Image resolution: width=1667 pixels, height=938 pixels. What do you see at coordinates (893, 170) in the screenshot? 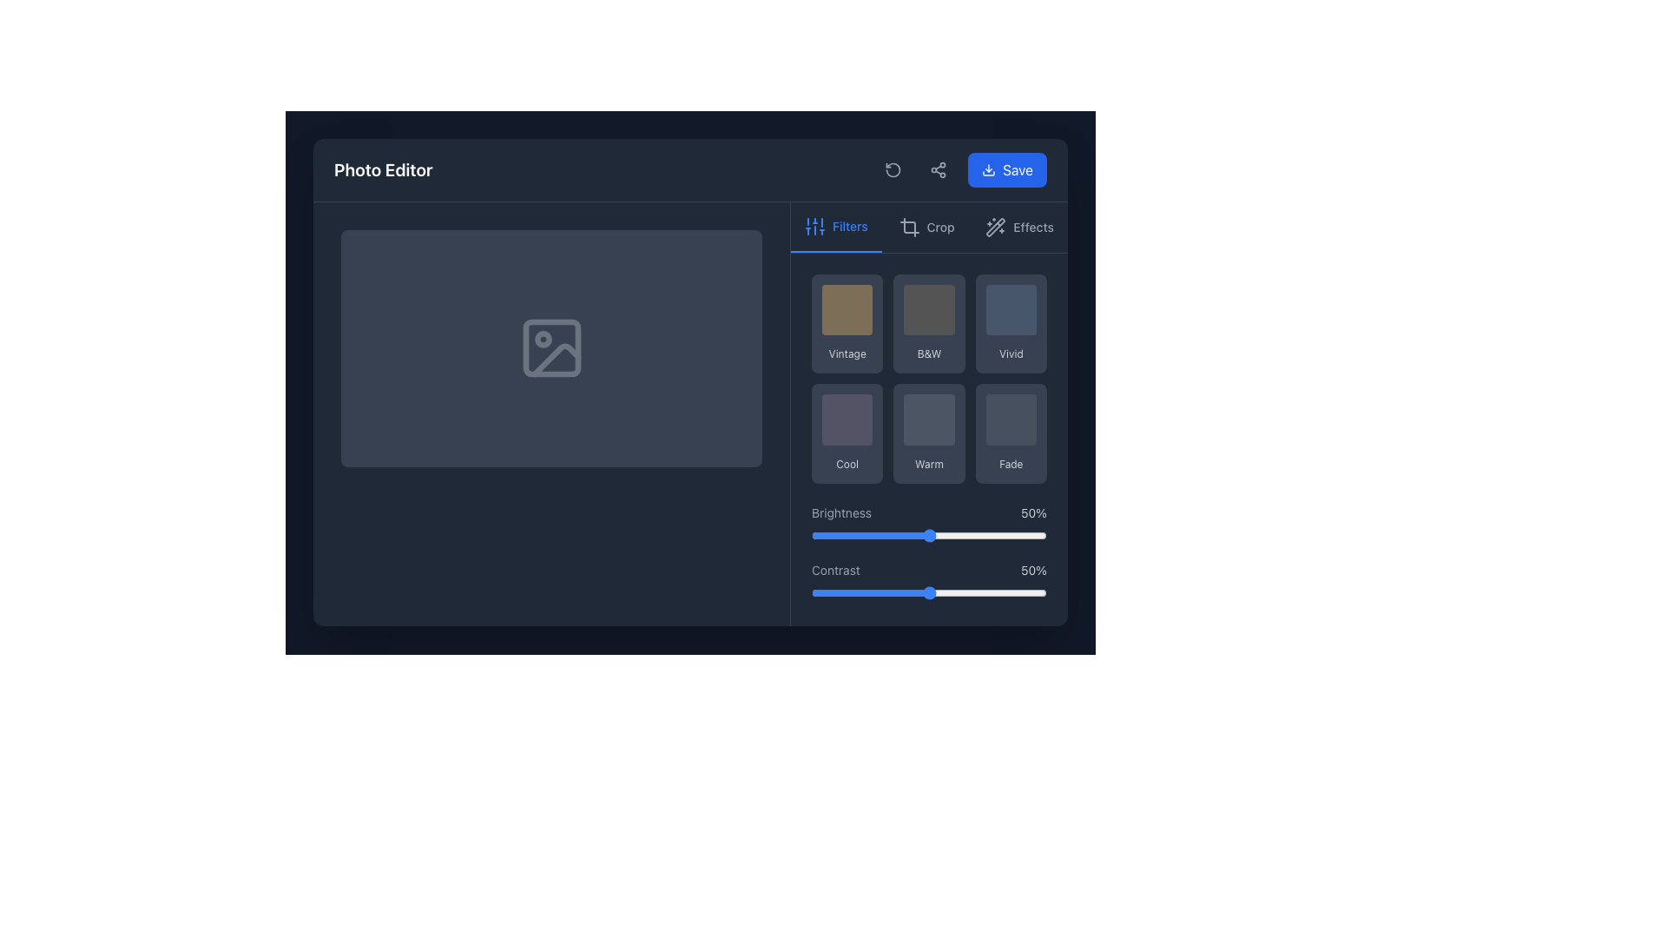
I see `the reset button located in the top-right toolbar, which is indicated by a counterclockwise arrow design` at bounding box center [893, 170].